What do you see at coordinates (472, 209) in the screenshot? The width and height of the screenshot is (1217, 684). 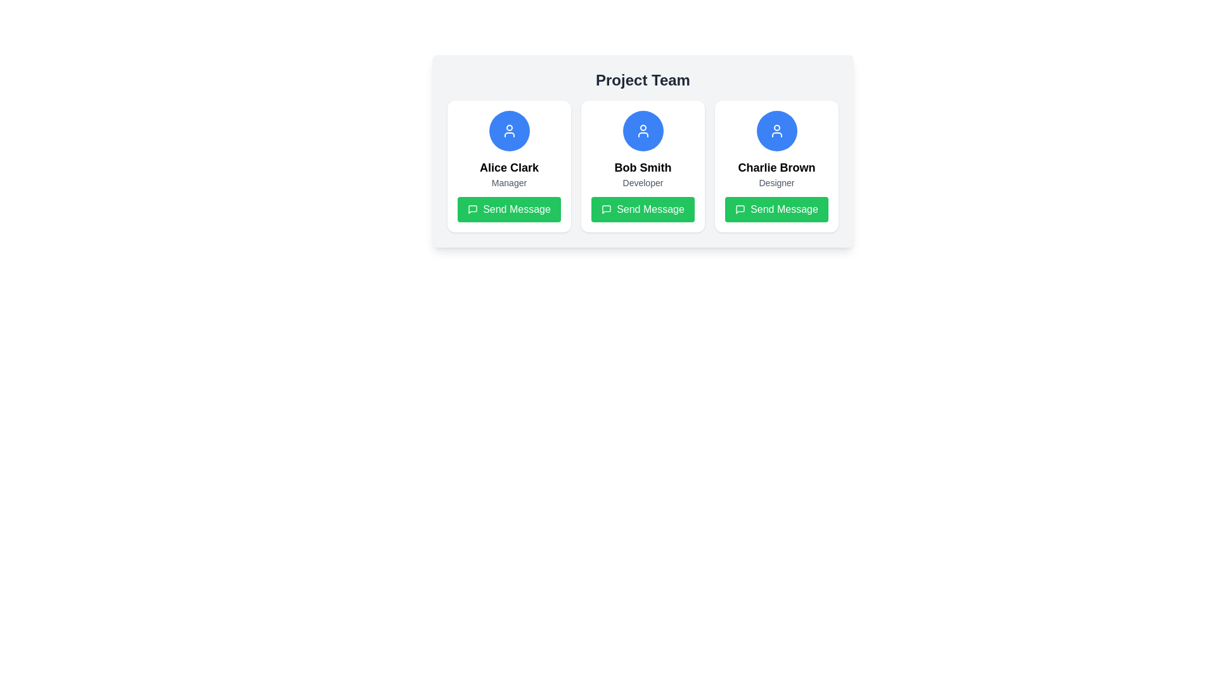 I see `the icon representing the 'Send Message' functionality, located centrally within the 'Send Message' button at the bottom section of the card for Alice Clark, a Manager` at bounding box center [472, 209].